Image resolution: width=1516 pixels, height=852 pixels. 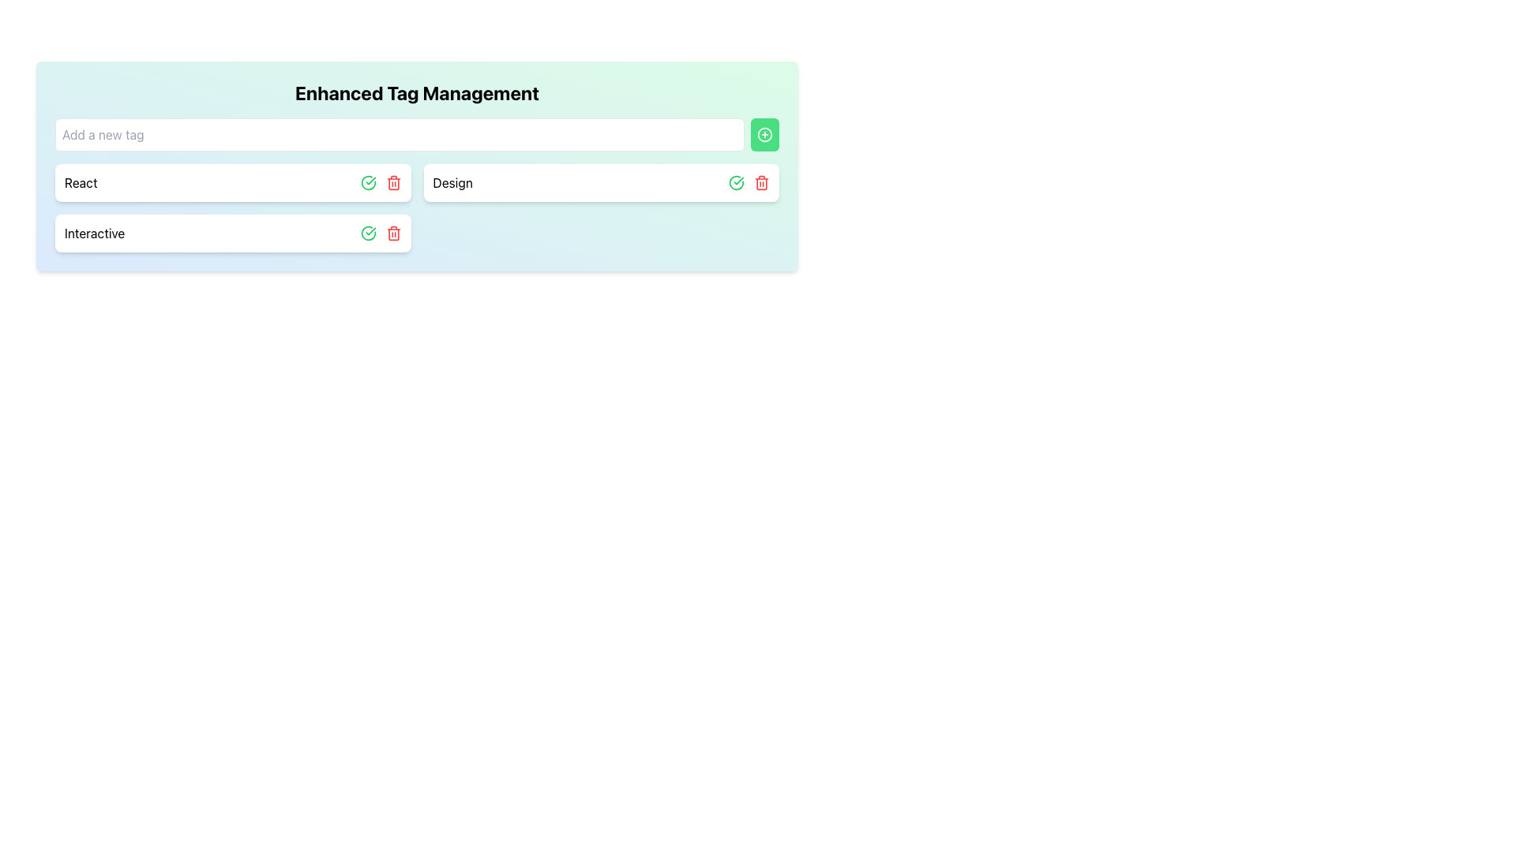 I want to click on the green circular confirmation icon with a checkmark located adjacent to the 'Design' tag, specifically the first icon in the group to the left of the red trash bin icon, so click(x=735, y=181).